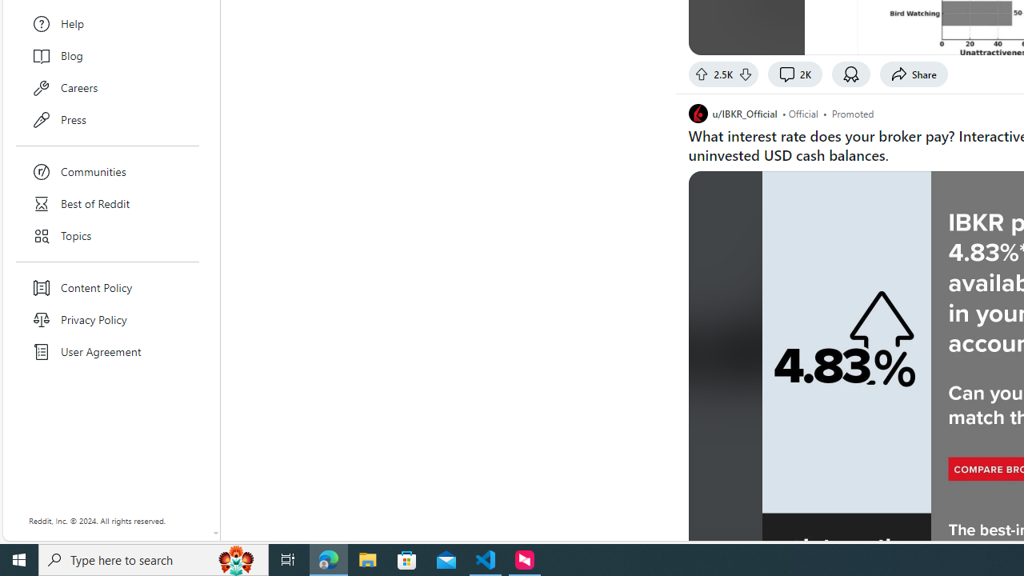 This screenshot has height=576, width=1024. Describe the element at coordinates (745, 74) in the screenshot. I see `'Downvote'` at that location.